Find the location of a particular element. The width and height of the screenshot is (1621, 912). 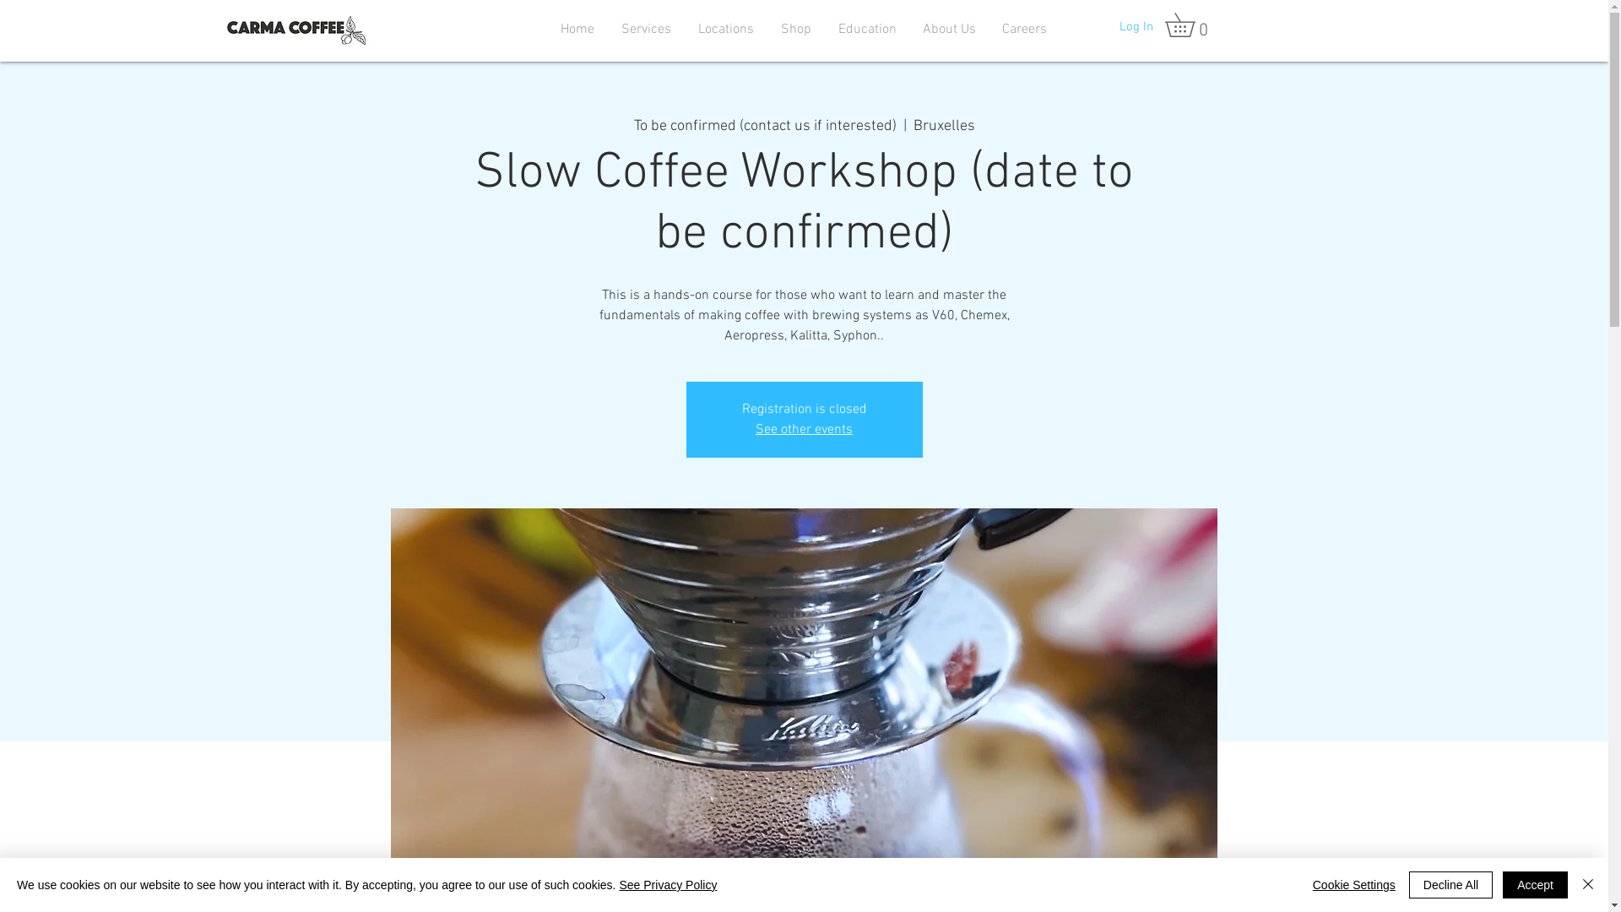

'Locations' is located at coordinates (725, 29).